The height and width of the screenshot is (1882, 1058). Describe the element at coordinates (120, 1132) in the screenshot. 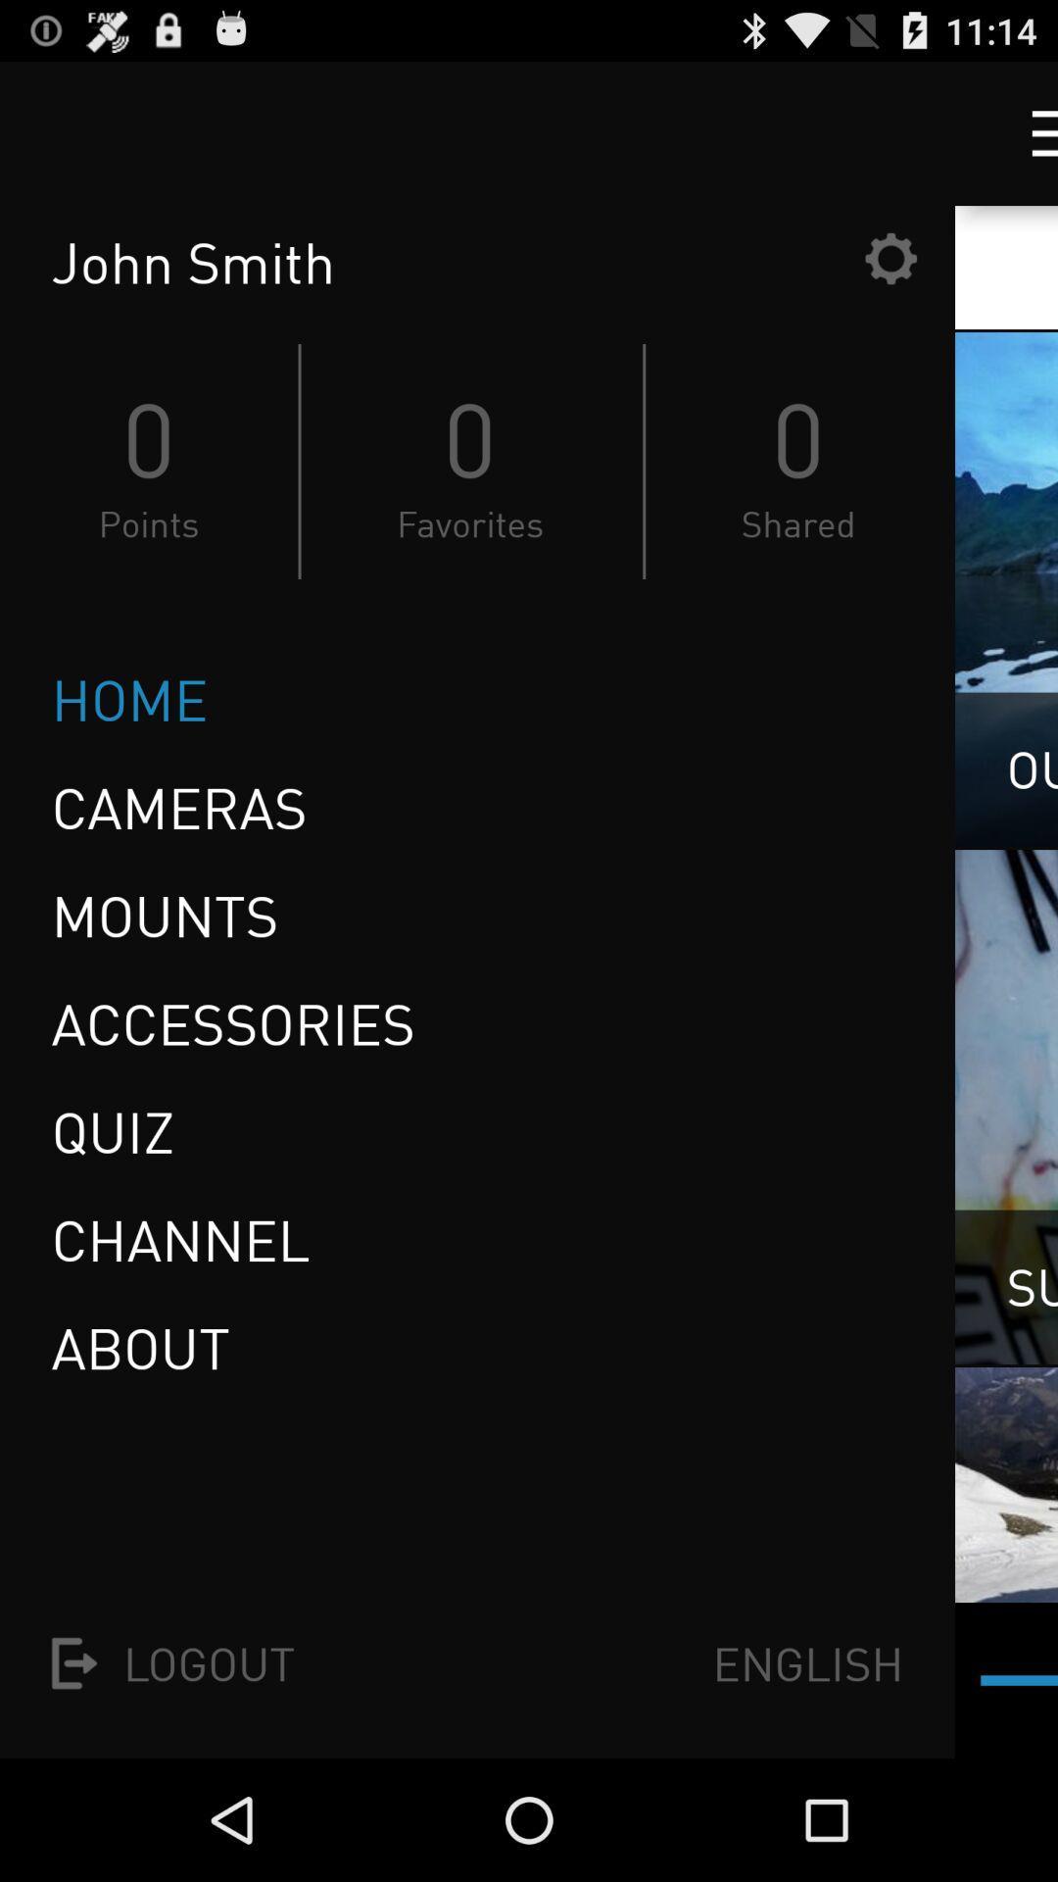

I see `item below the accessories` at that location.